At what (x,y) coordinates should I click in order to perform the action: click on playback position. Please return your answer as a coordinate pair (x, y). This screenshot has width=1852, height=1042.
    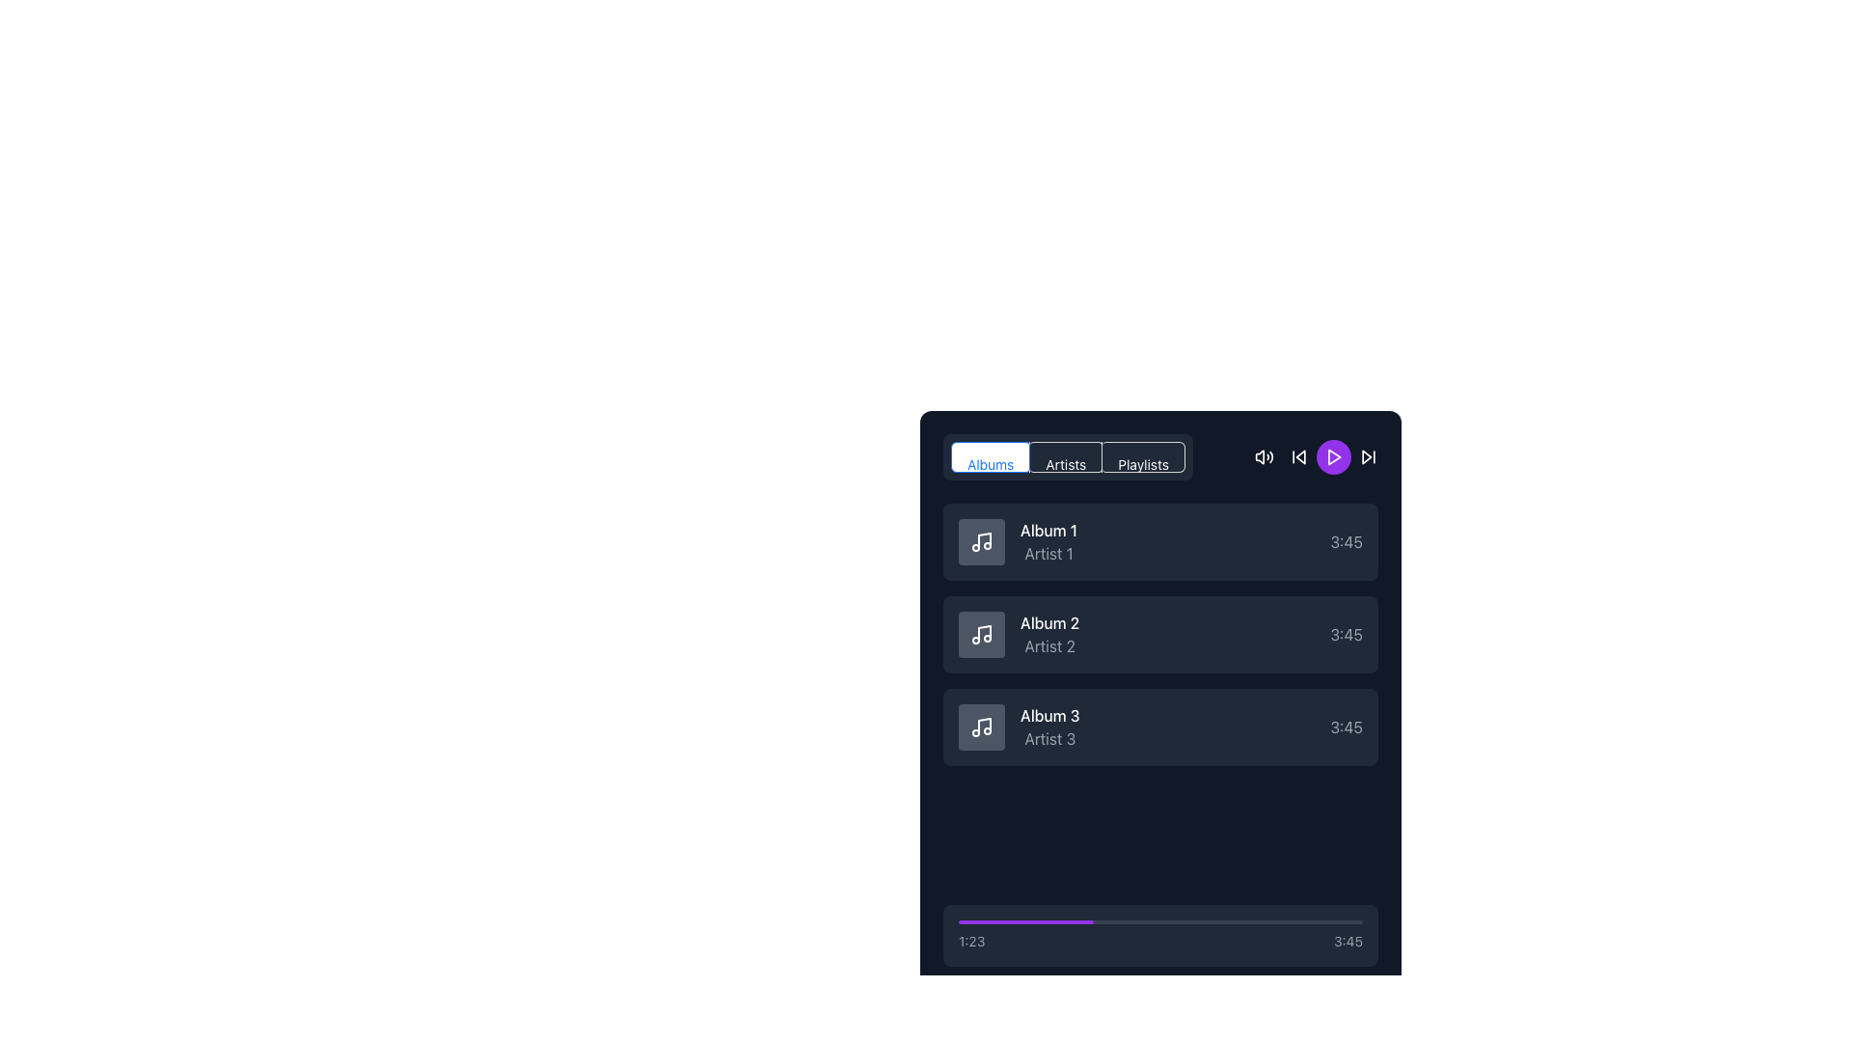
    Looking at the image, I should click on (1235, 921).